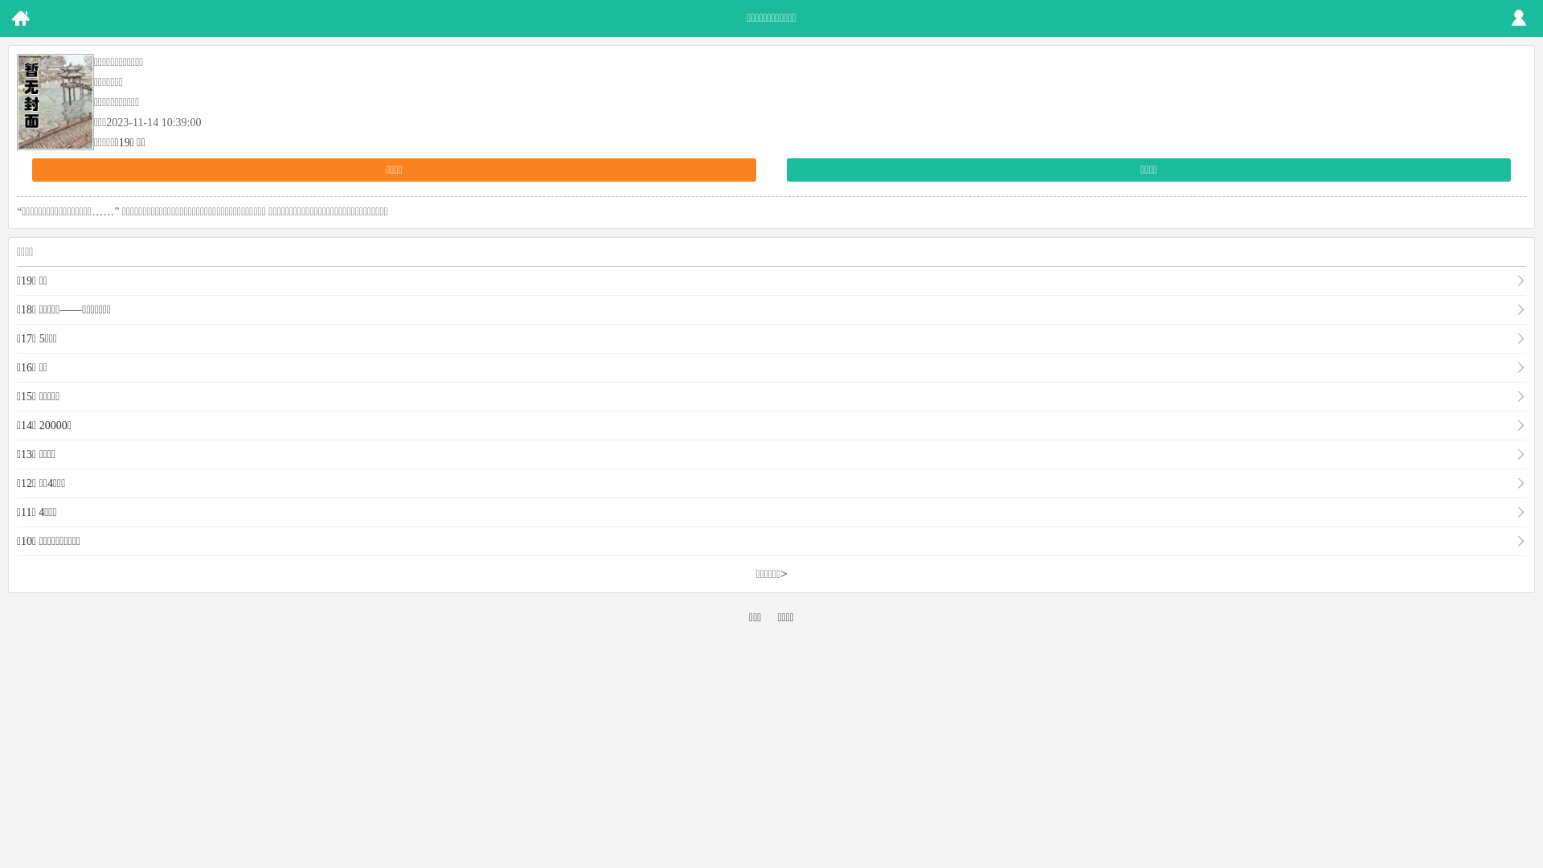 This screenshot has width=1543, height=868. I want to click on ' ', so click(1518, 18).